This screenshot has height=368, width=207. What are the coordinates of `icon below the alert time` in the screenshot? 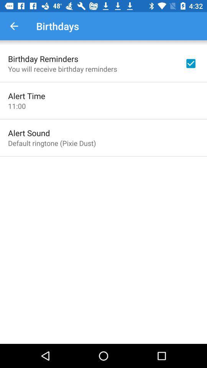 It's located at (17, 105).